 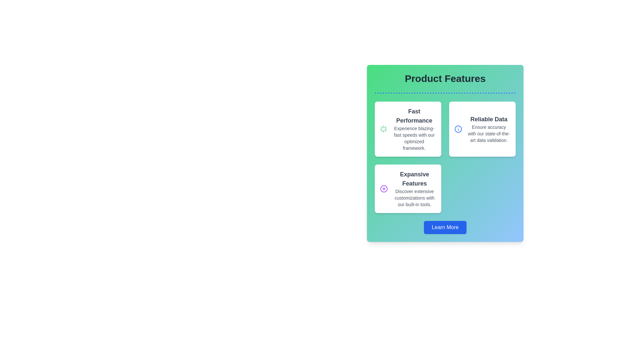 What do you see at coordinates (414, 198) in the screenshot?
I see `descriptive content of the Text Block stating 'Discover extensive customizations with our built-in tools.' located below the title 'Expansive Features' in the second card of the bottom row in the 'Product Features' section` at bounding box center [414, 198].